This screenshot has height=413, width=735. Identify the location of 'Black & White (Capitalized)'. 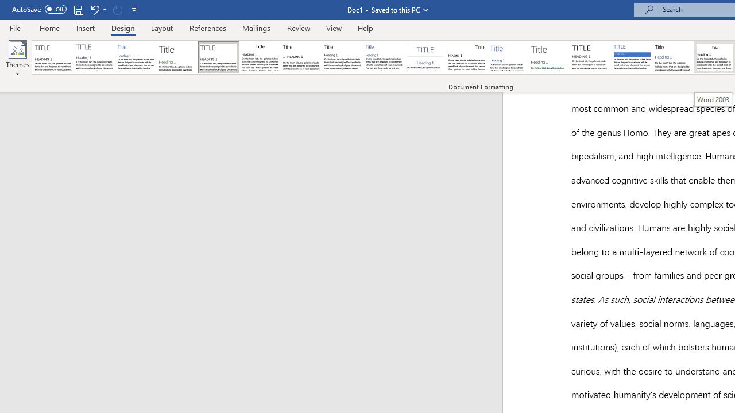
(219, 57).